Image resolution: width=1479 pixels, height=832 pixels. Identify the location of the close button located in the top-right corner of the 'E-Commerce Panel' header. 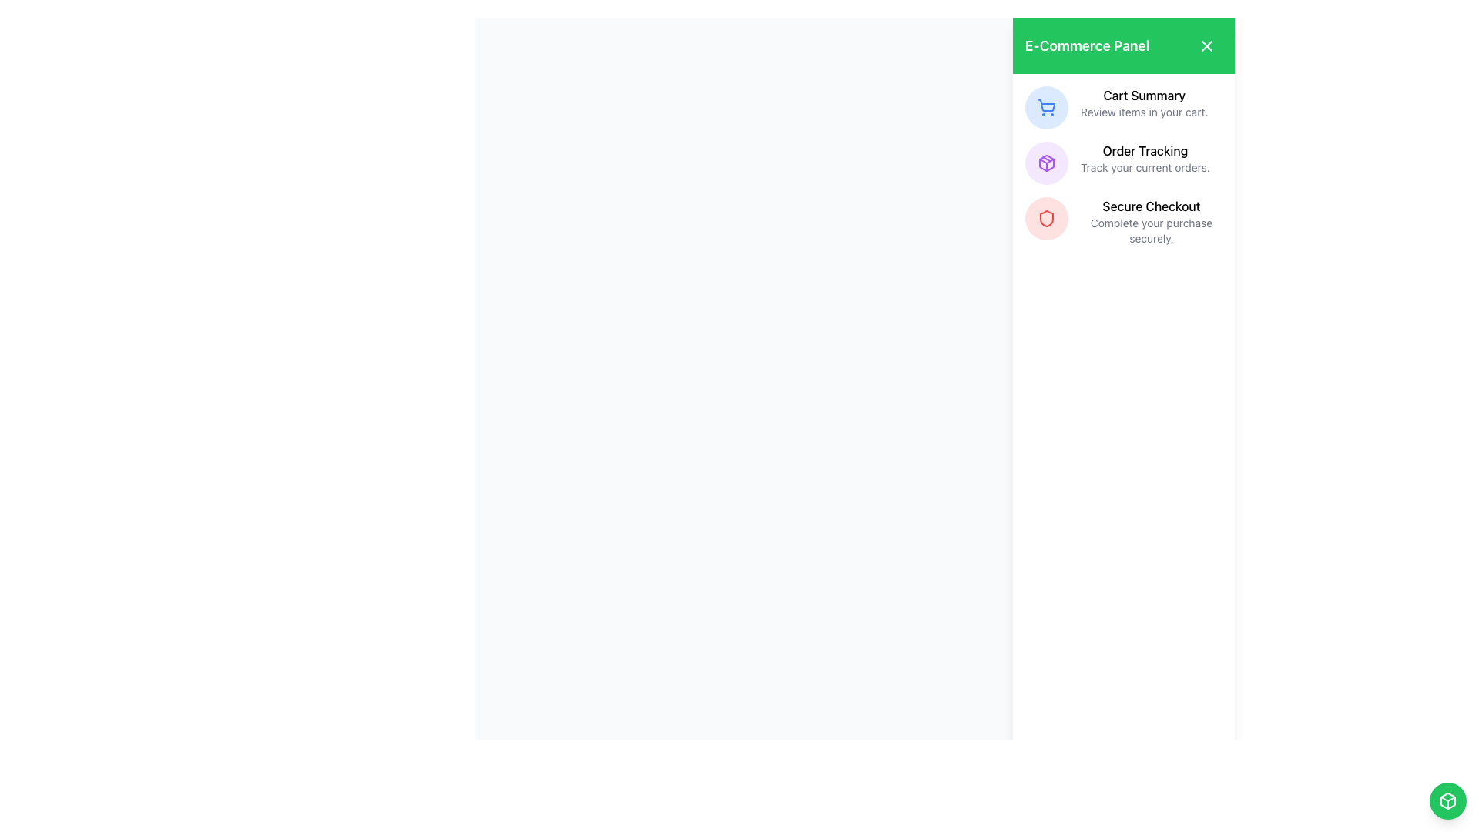
(1206, 45).